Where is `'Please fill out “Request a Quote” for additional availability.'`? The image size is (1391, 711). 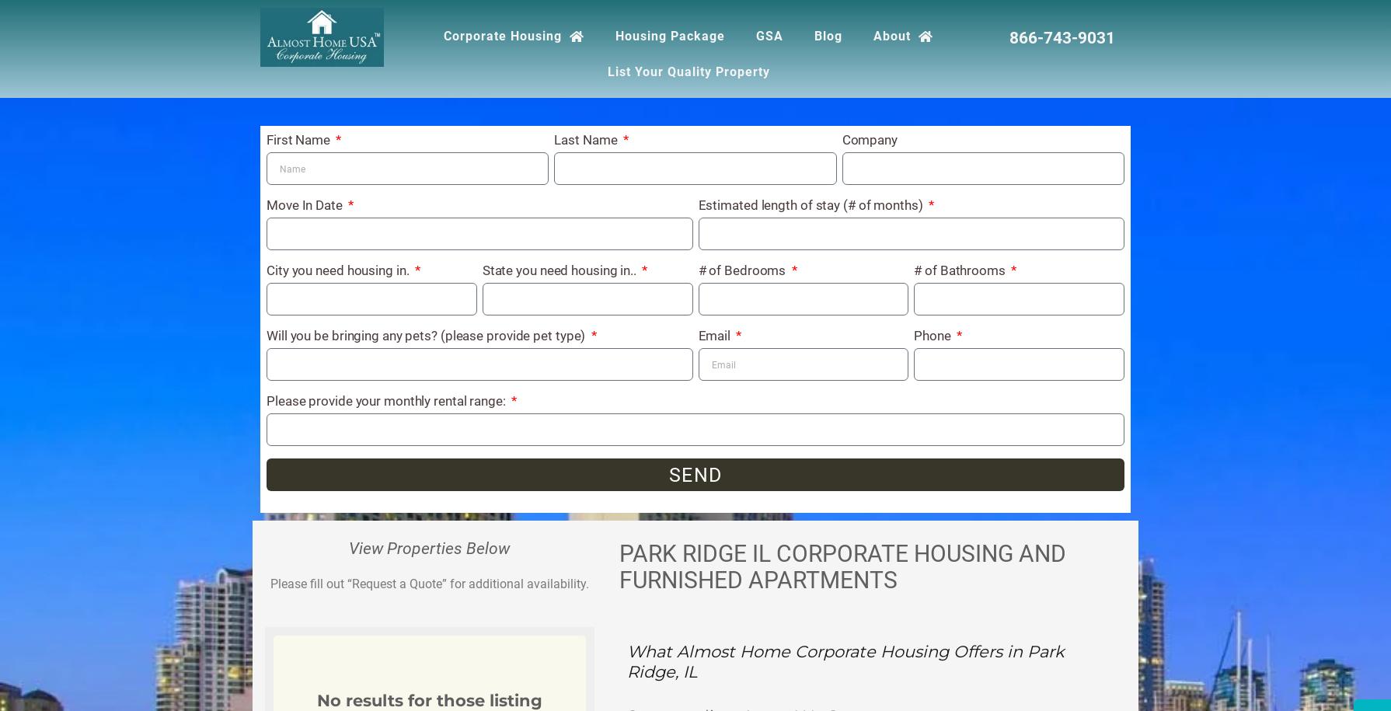
'Please fill out “Request a Quote” for additional availability.' is located at coordinates (428, 584).